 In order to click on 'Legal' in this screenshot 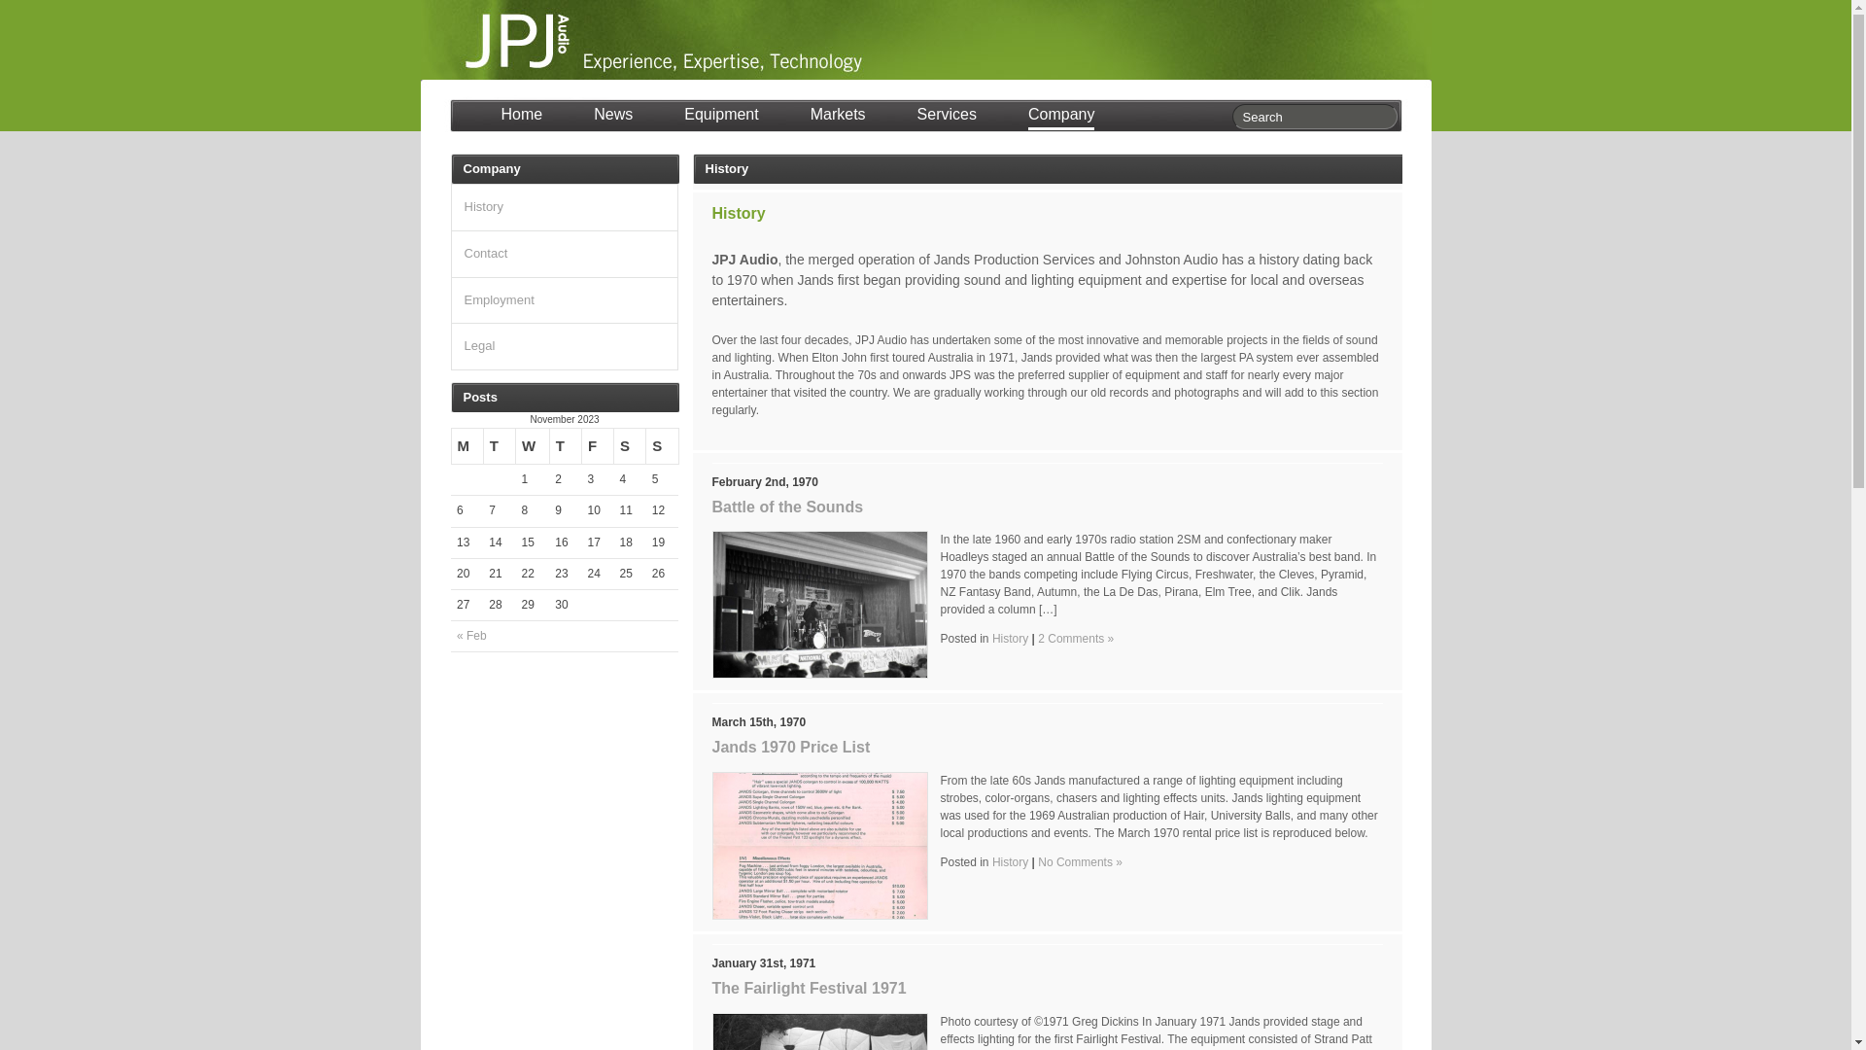, I will do `click(480, 344)`.